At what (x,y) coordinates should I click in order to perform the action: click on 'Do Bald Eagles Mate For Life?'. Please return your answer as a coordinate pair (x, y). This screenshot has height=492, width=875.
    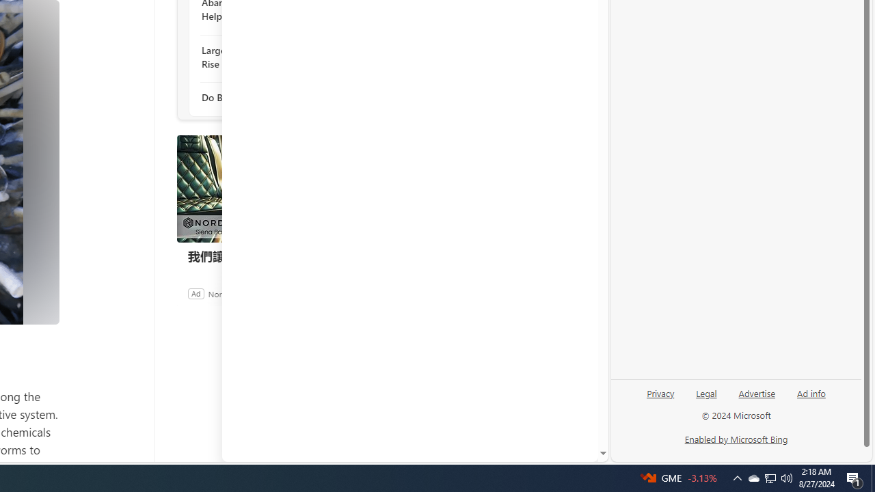
    Looking at the image, I should click on (275, 97).